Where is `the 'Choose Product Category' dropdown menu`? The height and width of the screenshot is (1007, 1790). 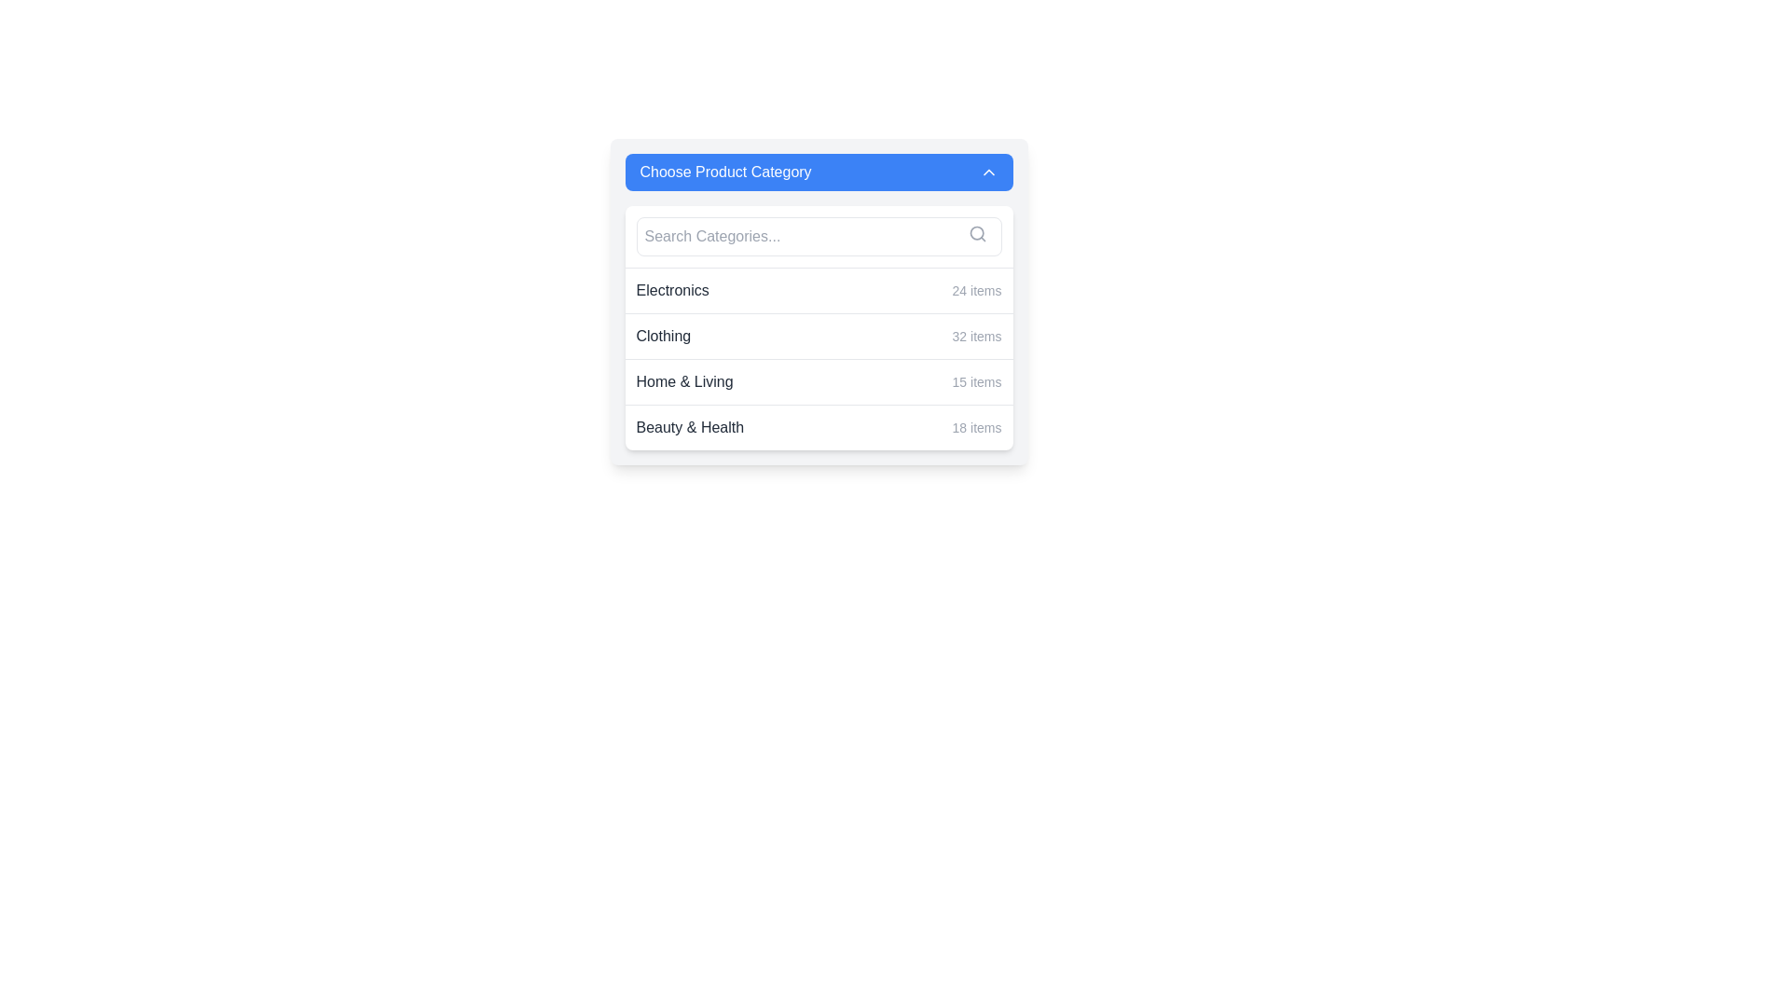
the 'Choose Product Category' dropdown menu is located at coordinates (819, 359).